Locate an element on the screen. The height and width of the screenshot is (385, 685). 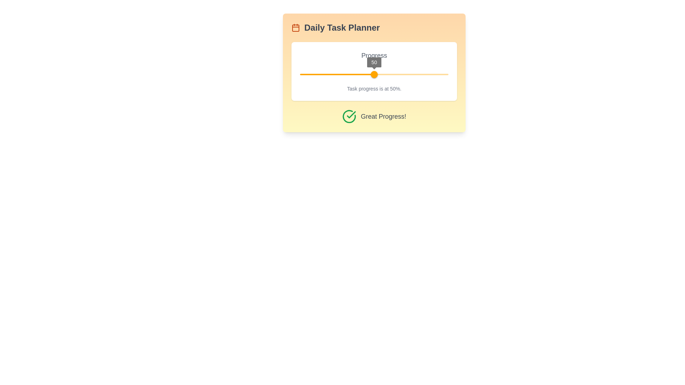
the Slider rail element, which serves as the base line for the slider track and is located slightly below the slider thumb marked by the value '50' is located at coordinates (374, 74).